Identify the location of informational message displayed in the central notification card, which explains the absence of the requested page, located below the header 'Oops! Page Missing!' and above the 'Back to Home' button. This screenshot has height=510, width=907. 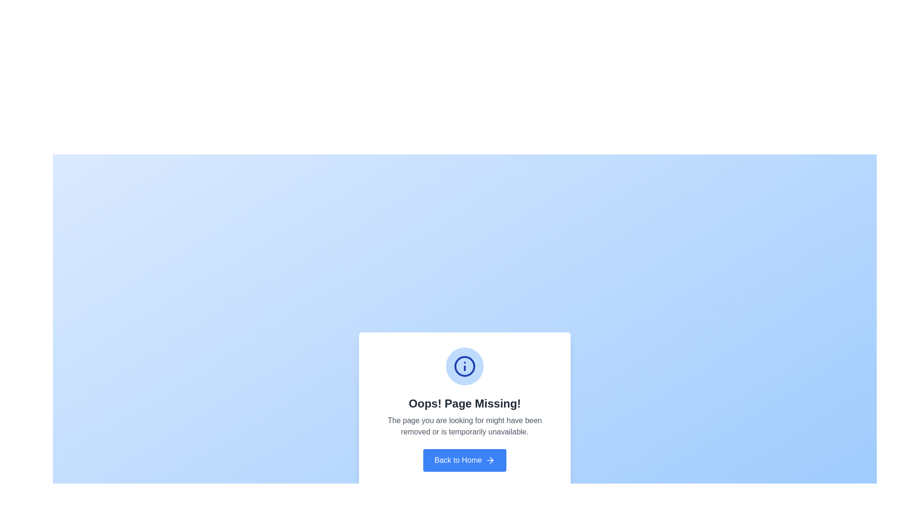
(464, 426).